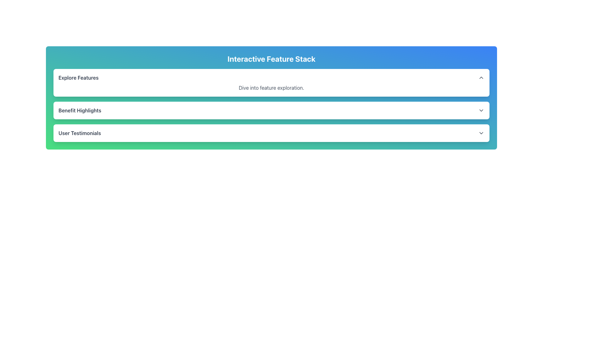 Image resolution: width=604 pixels, height=340 pixels. What do you see at coordinates (481, 77) in the screenshot?
I see `the upward-pointing chevron icon in the 'Explore Features' section` at bounding box center [481, 77].